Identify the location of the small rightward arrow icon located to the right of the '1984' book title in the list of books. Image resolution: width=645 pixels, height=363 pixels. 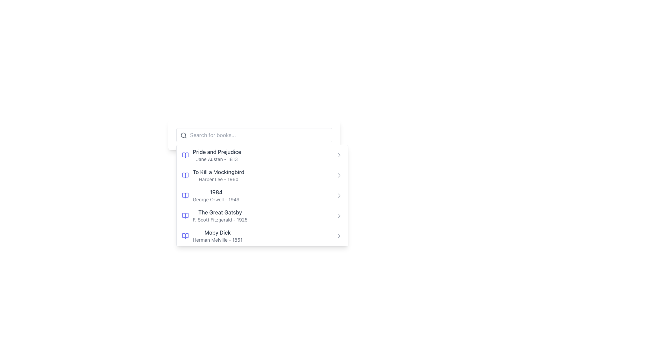
(339, 196).